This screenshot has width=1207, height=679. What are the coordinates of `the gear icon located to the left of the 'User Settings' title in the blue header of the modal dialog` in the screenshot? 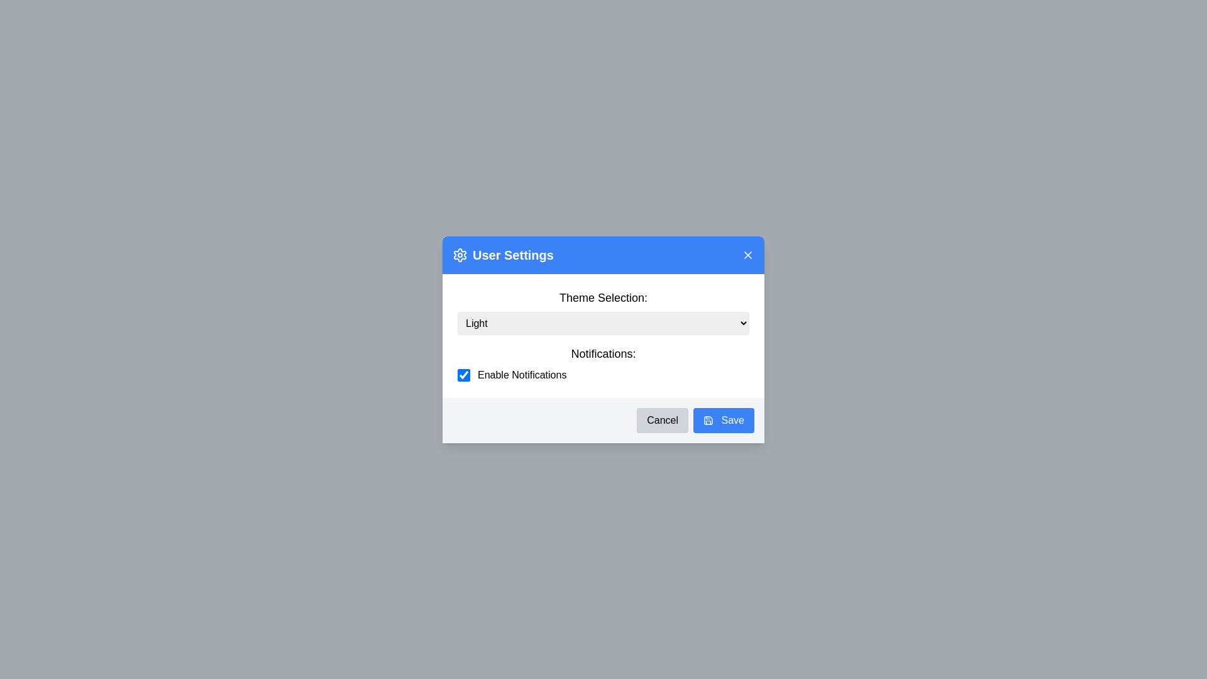 It's located at (459, 255).